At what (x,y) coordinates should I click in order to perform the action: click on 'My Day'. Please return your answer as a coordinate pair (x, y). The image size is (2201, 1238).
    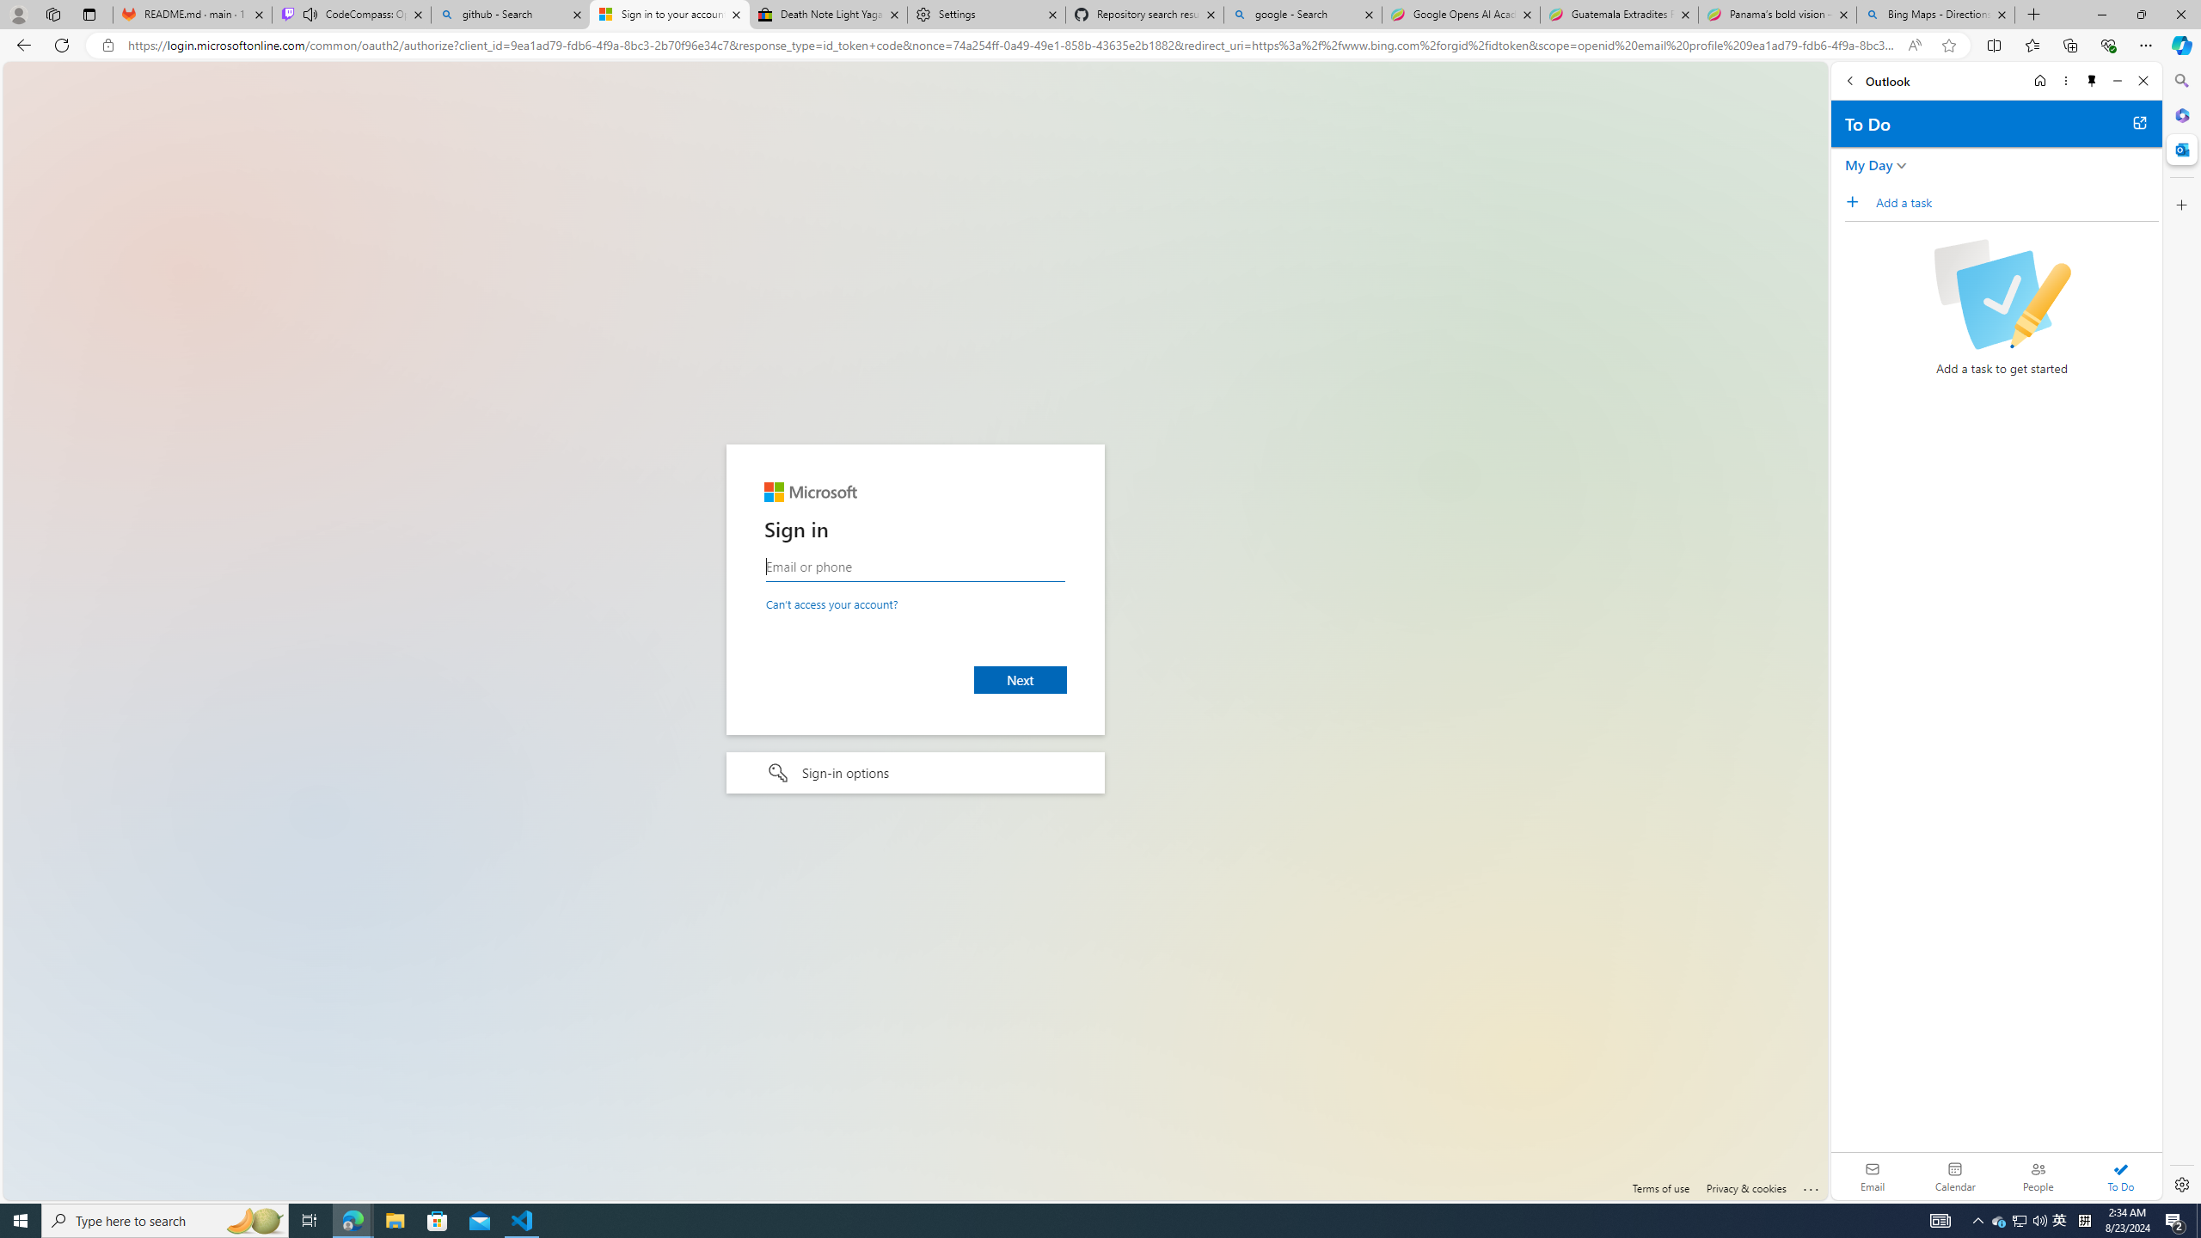
    Looking at the image, I should click on (1867, 164).